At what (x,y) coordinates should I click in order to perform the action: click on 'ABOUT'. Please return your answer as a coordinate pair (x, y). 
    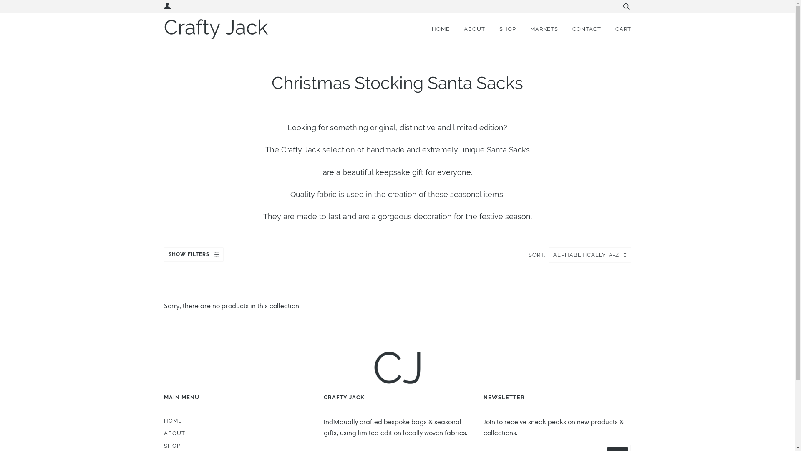
    Looking at the image, I should click on (174, 433).